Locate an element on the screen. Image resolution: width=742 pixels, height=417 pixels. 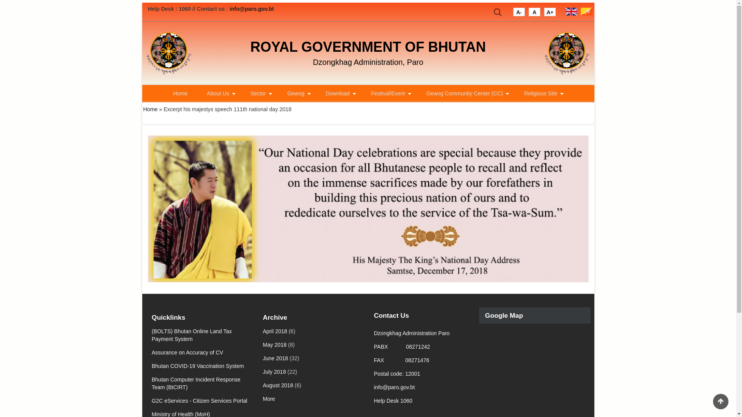
'April 2018' is located at coordinates (275, 331).